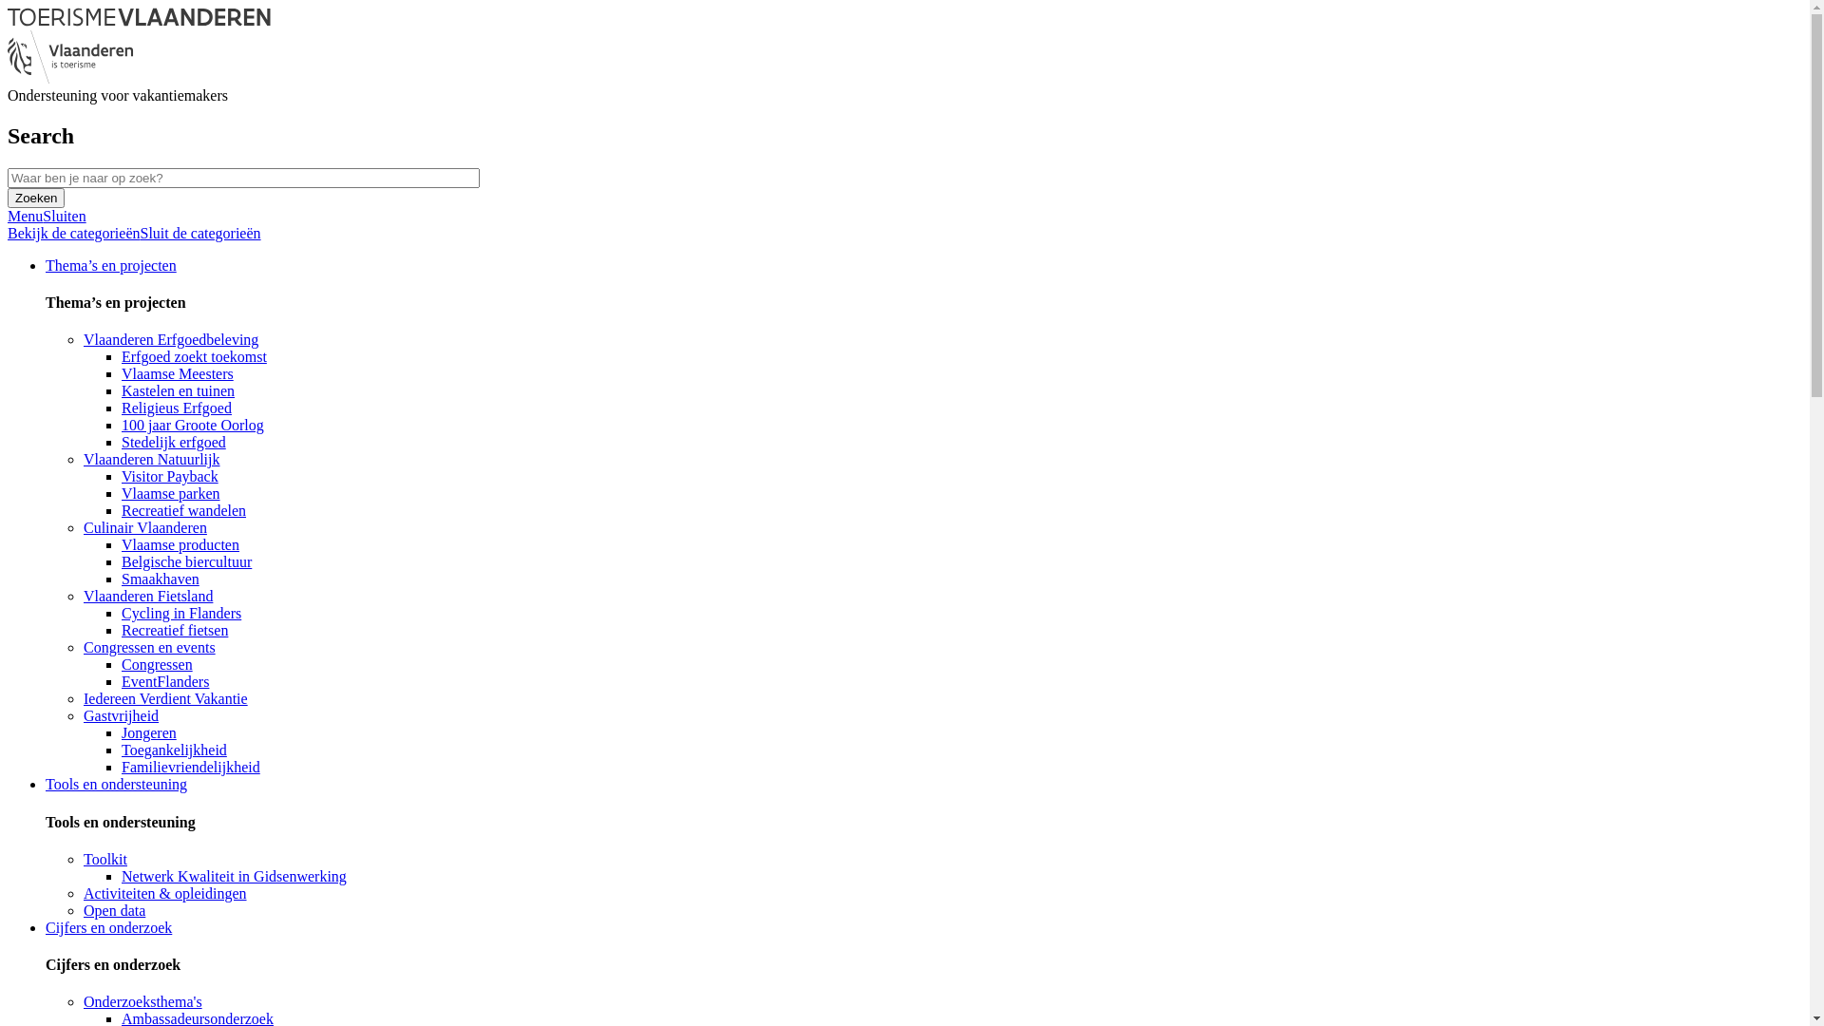 This screenshot has width=1824, height=1026. What do you see at coordinates (144, 527) in the screenshot?
I see `'Culinair Vlaanderen'` at bounding box center [144, 527].